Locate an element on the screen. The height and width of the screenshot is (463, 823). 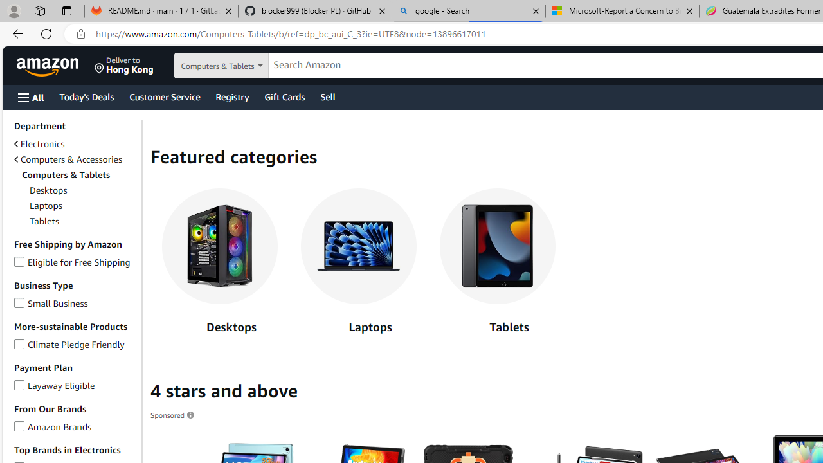
'Open Menu' is located at coordinates (31, 96).